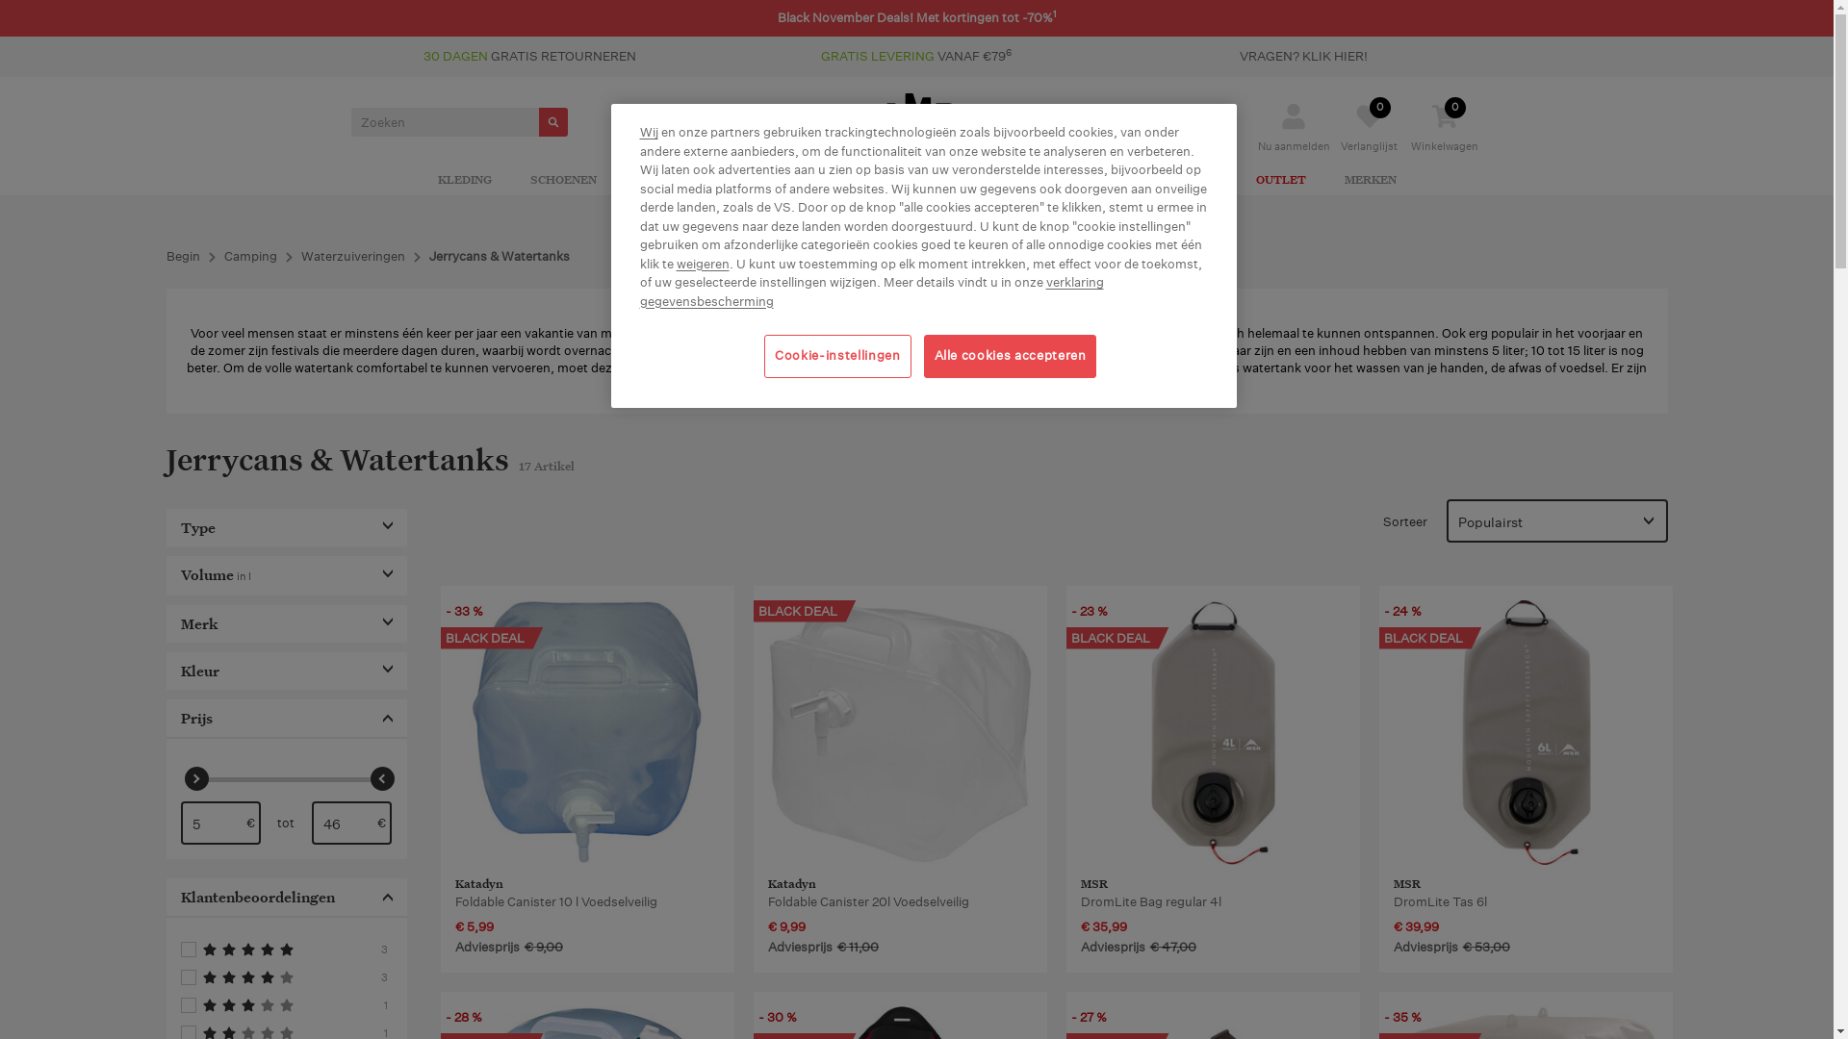 Image resolution: width=1848 pixels, height=1039 pixels. I want to click on 'MSR DromLite Tas Regular', so click(1211, 779).